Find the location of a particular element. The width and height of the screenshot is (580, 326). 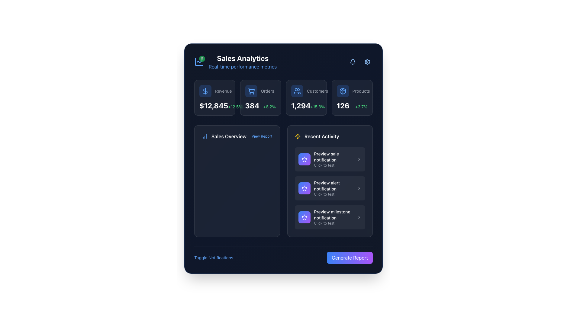

the star icon located in the 'Recent Activity' section, which is directly to the left of the text 'Preview milestone notification', to potentially interact with it is located at coordinates (304, 159).